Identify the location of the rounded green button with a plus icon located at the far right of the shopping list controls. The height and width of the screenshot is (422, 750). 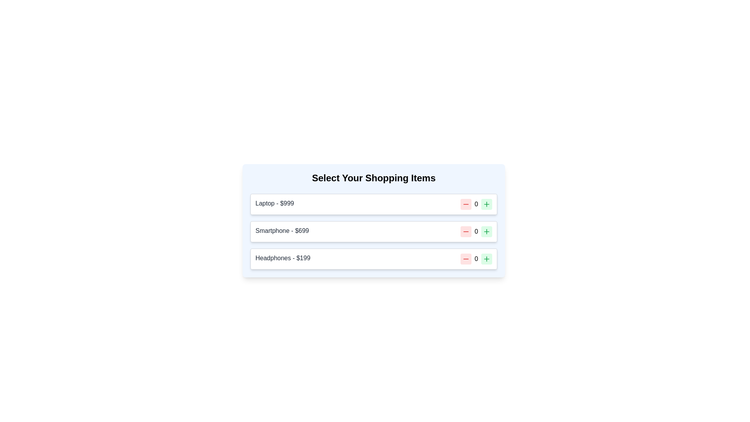
(486, 204).